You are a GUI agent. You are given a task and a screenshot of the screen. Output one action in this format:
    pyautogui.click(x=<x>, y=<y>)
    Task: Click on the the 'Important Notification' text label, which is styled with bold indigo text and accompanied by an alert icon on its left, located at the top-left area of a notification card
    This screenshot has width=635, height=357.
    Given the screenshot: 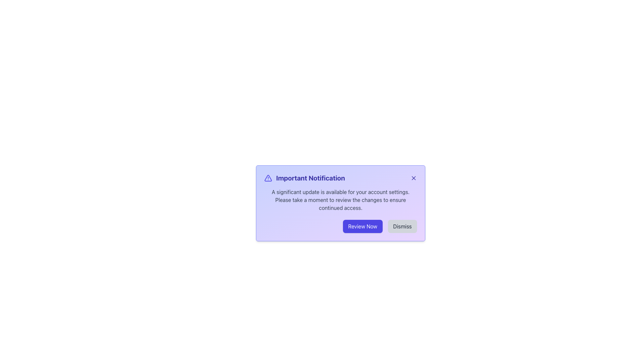 What is the action you would take?
    pyautogui.click(x=304, y=178)
    